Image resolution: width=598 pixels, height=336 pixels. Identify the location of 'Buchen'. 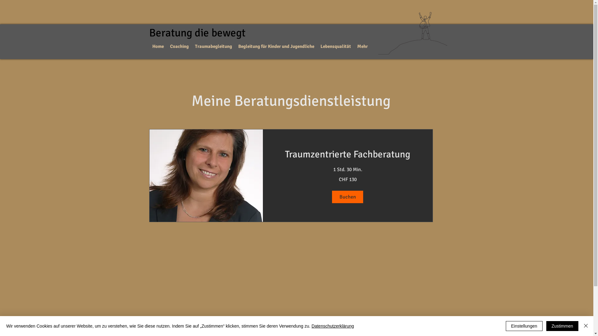
(347, 197).